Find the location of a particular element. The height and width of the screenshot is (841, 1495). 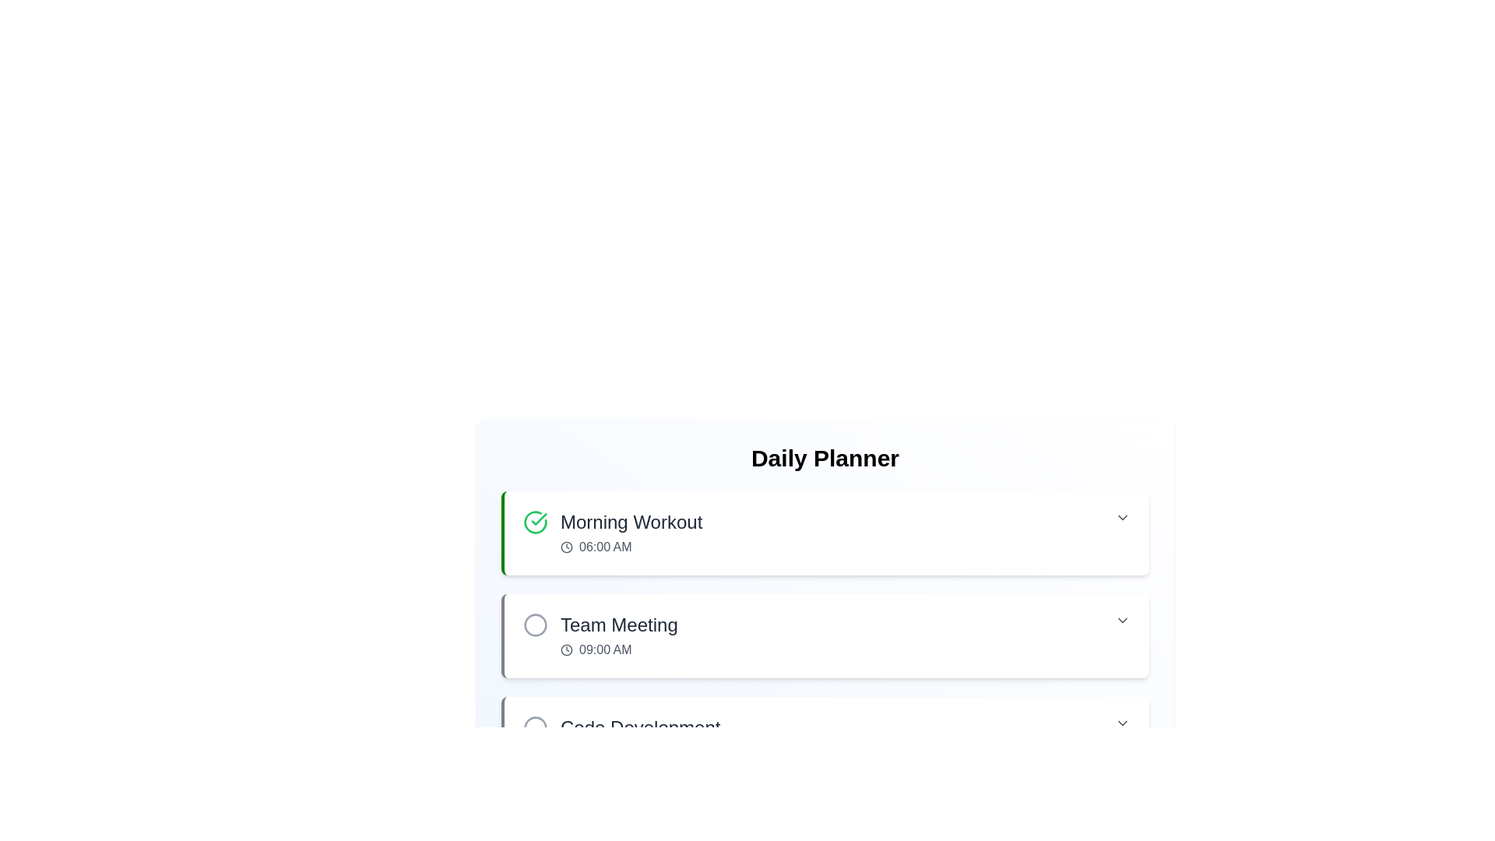

text from the 'Morning Workout' label, which includes the time '06:00 AM' and is accompanied by a clock icon, located in the first row of the daily planner items list is located at coordinates (631, 533).